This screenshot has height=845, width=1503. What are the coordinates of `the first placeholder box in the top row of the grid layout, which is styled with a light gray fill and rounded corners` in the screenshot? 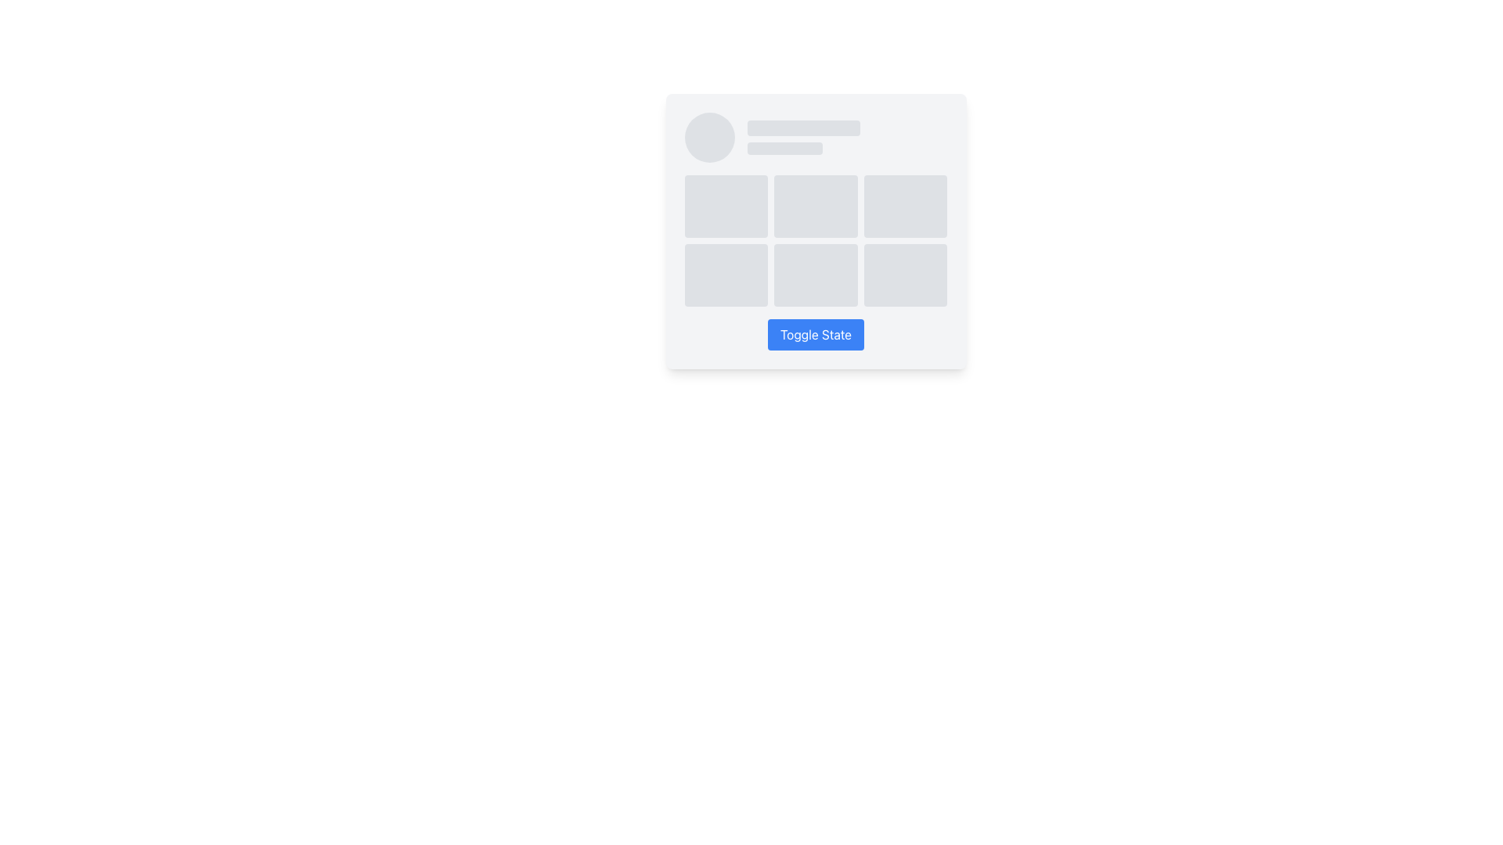 It's located at (725, 205).